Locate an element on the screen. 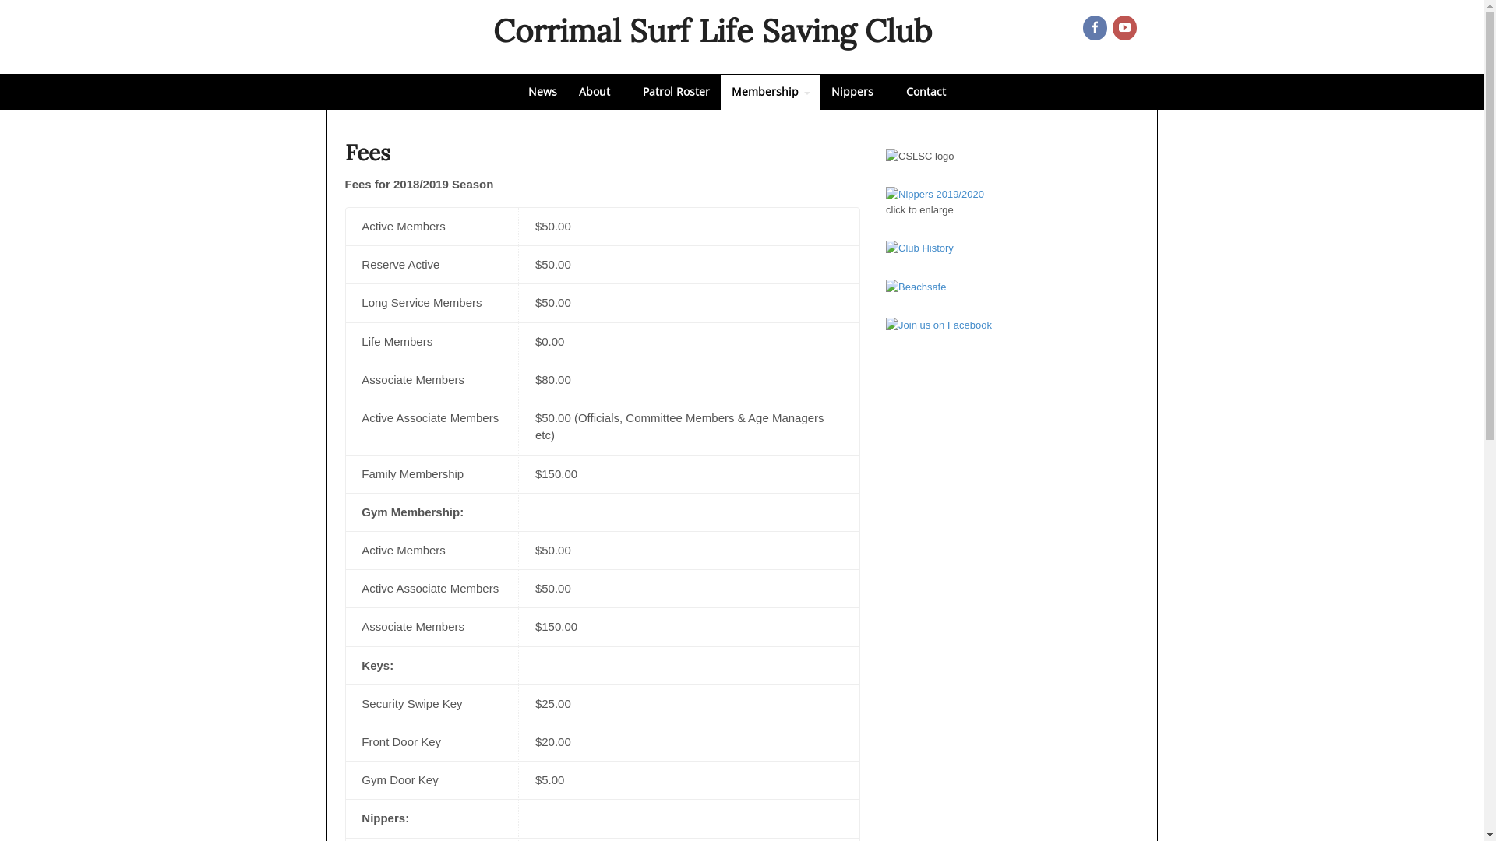 The width and height of the screenshot is (1496, 841). 'News' is located at coordinates (542, 92).